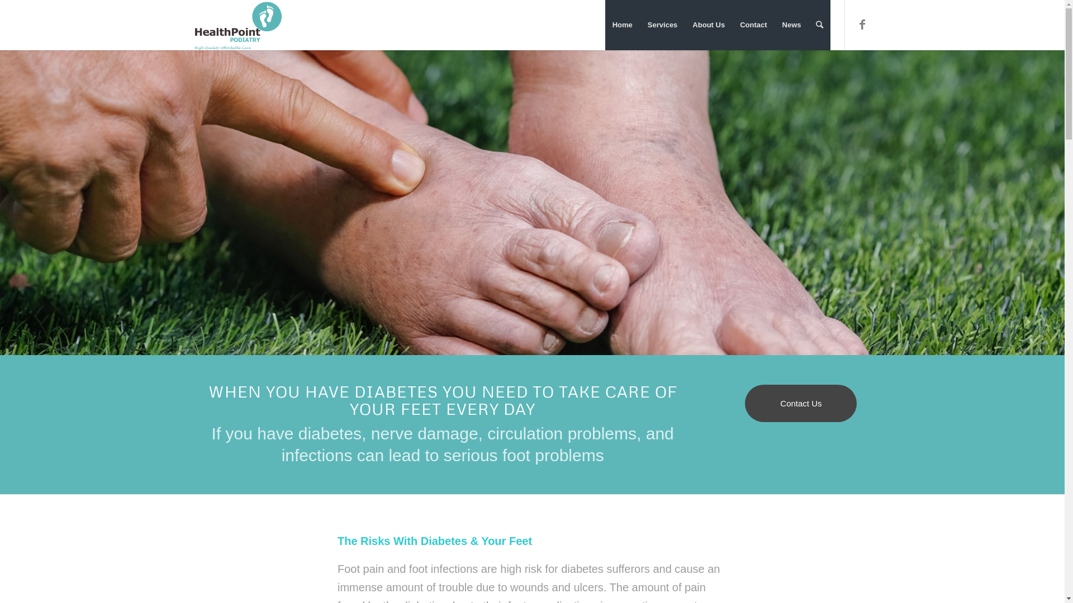 The image size is (1073, 603). I want to click on 'Home', so click(621, 25).